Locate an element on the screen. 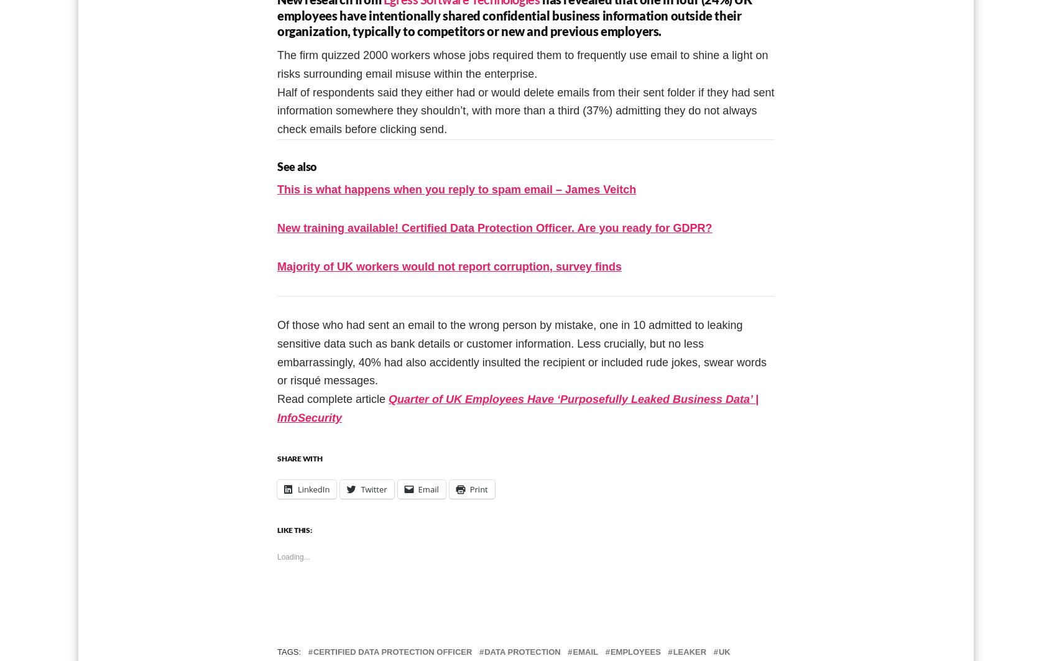 This screenshot has height=661, width=1052. 'Like this:' is located at coordinates (293, 529).